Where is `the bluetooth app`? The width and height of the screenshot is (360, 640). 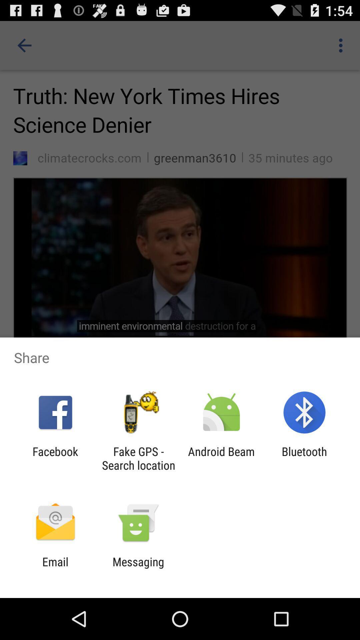 the bluetooth app is located at coordinates (304, 458).